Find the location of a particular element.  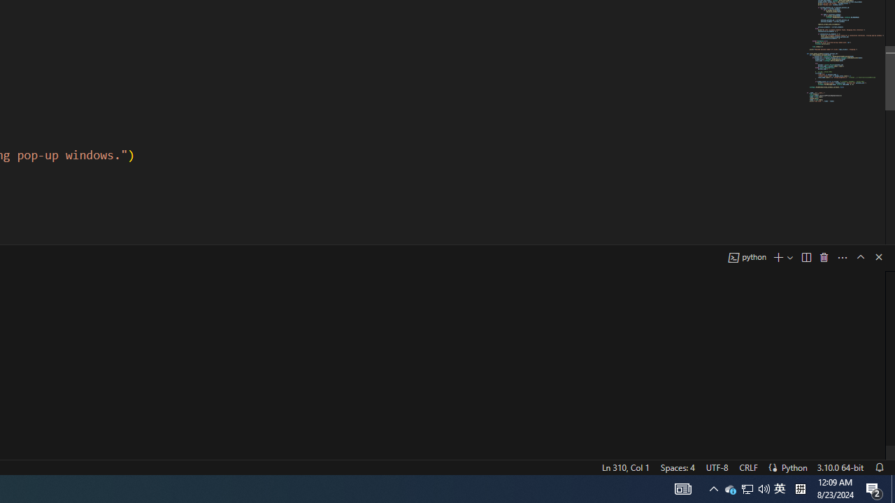

'Ln 310, Col 1' is located at coordinates (624, 467).